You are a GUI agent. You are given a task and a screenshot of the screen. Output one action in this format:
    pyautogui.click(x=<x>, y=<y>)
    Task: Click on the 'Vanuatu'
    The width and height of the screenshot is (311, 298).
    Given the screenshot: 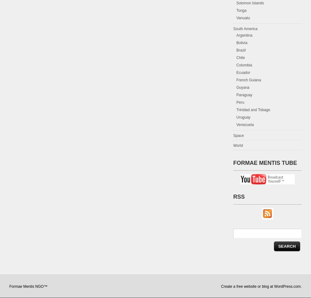 What is the action you would take?
    pyautogui.click(x=236, y=17)
    